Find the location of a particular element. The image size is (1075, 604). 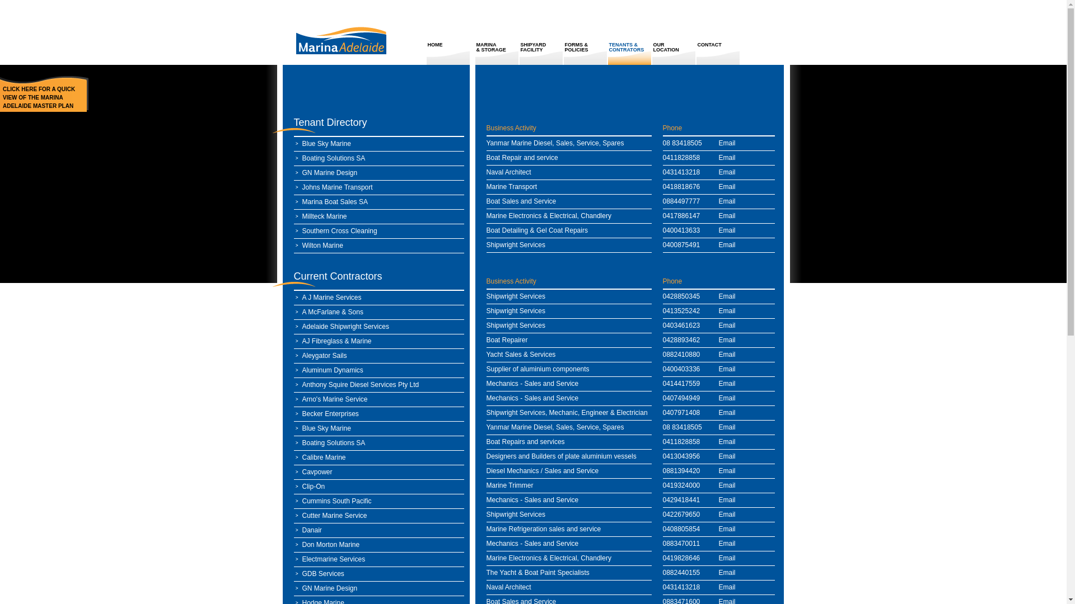

'FORMS & is located at coordinates (585, 54).